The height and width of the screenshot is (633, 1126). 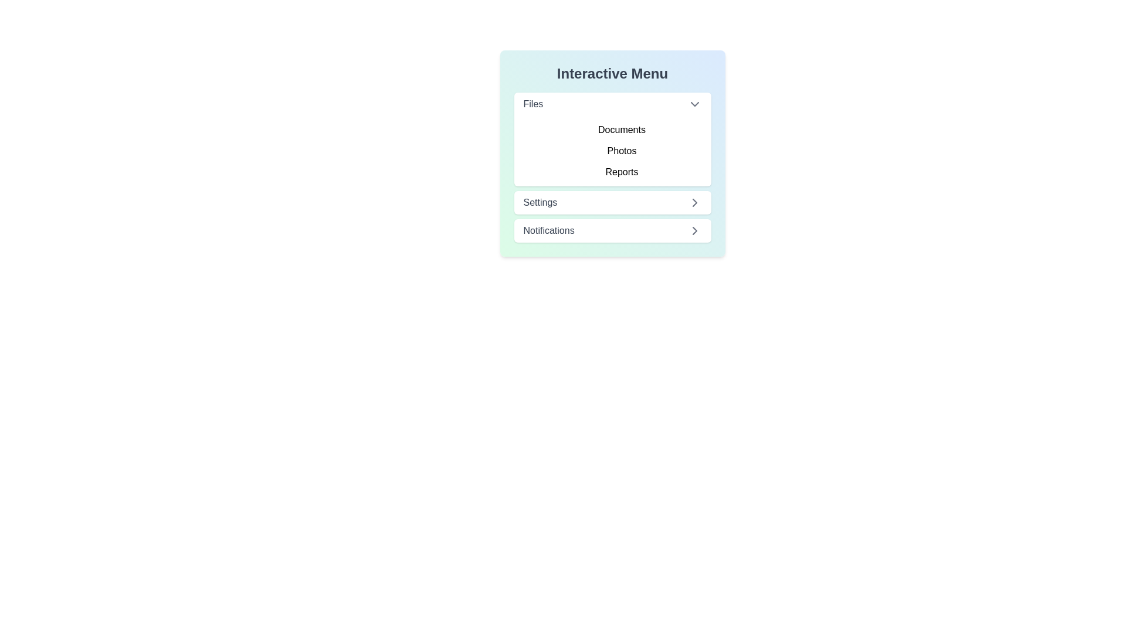 I want to click on the 'Notifications' button, which is a rectangular button with a white background, rounded corners, and a shadow effect, located at the bottom of a vertical group of buttons, so click(x=612, y=230).